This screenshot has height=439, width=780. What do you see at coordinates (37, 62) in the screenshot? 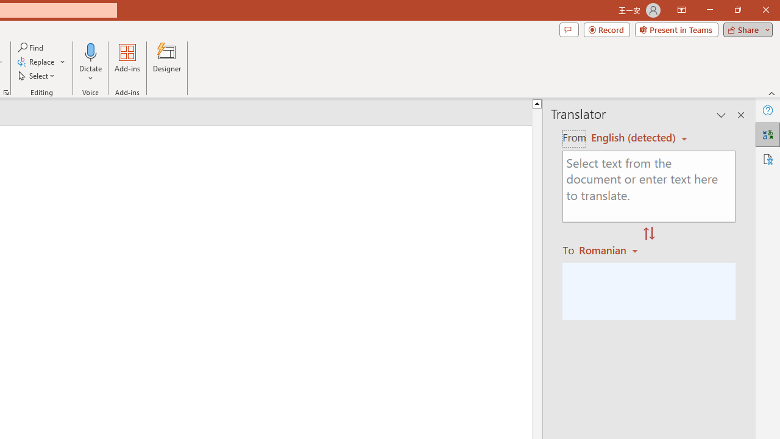
I see `'Replace...'` at bounding box center [37, 62].